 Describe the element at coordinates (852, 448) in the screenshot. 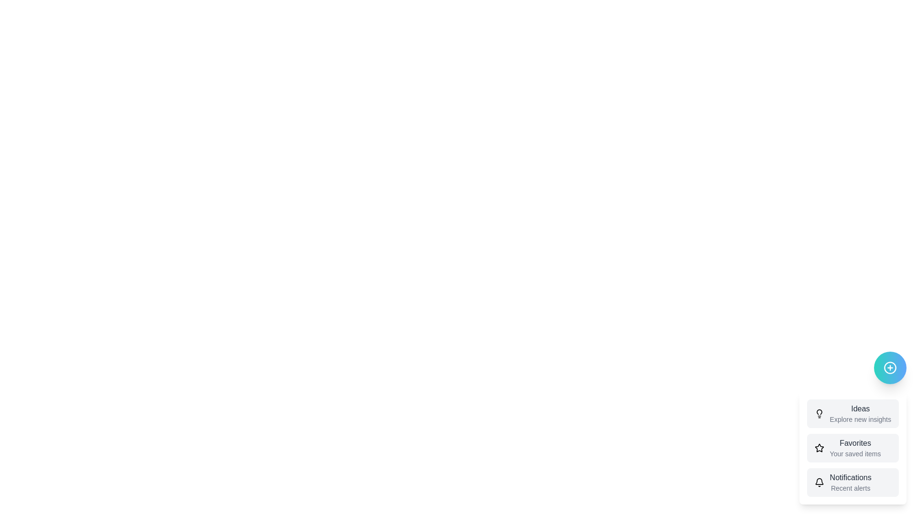

I see `the 'Favorites' menu item, which includes a star icon and two lines of text` at that location.